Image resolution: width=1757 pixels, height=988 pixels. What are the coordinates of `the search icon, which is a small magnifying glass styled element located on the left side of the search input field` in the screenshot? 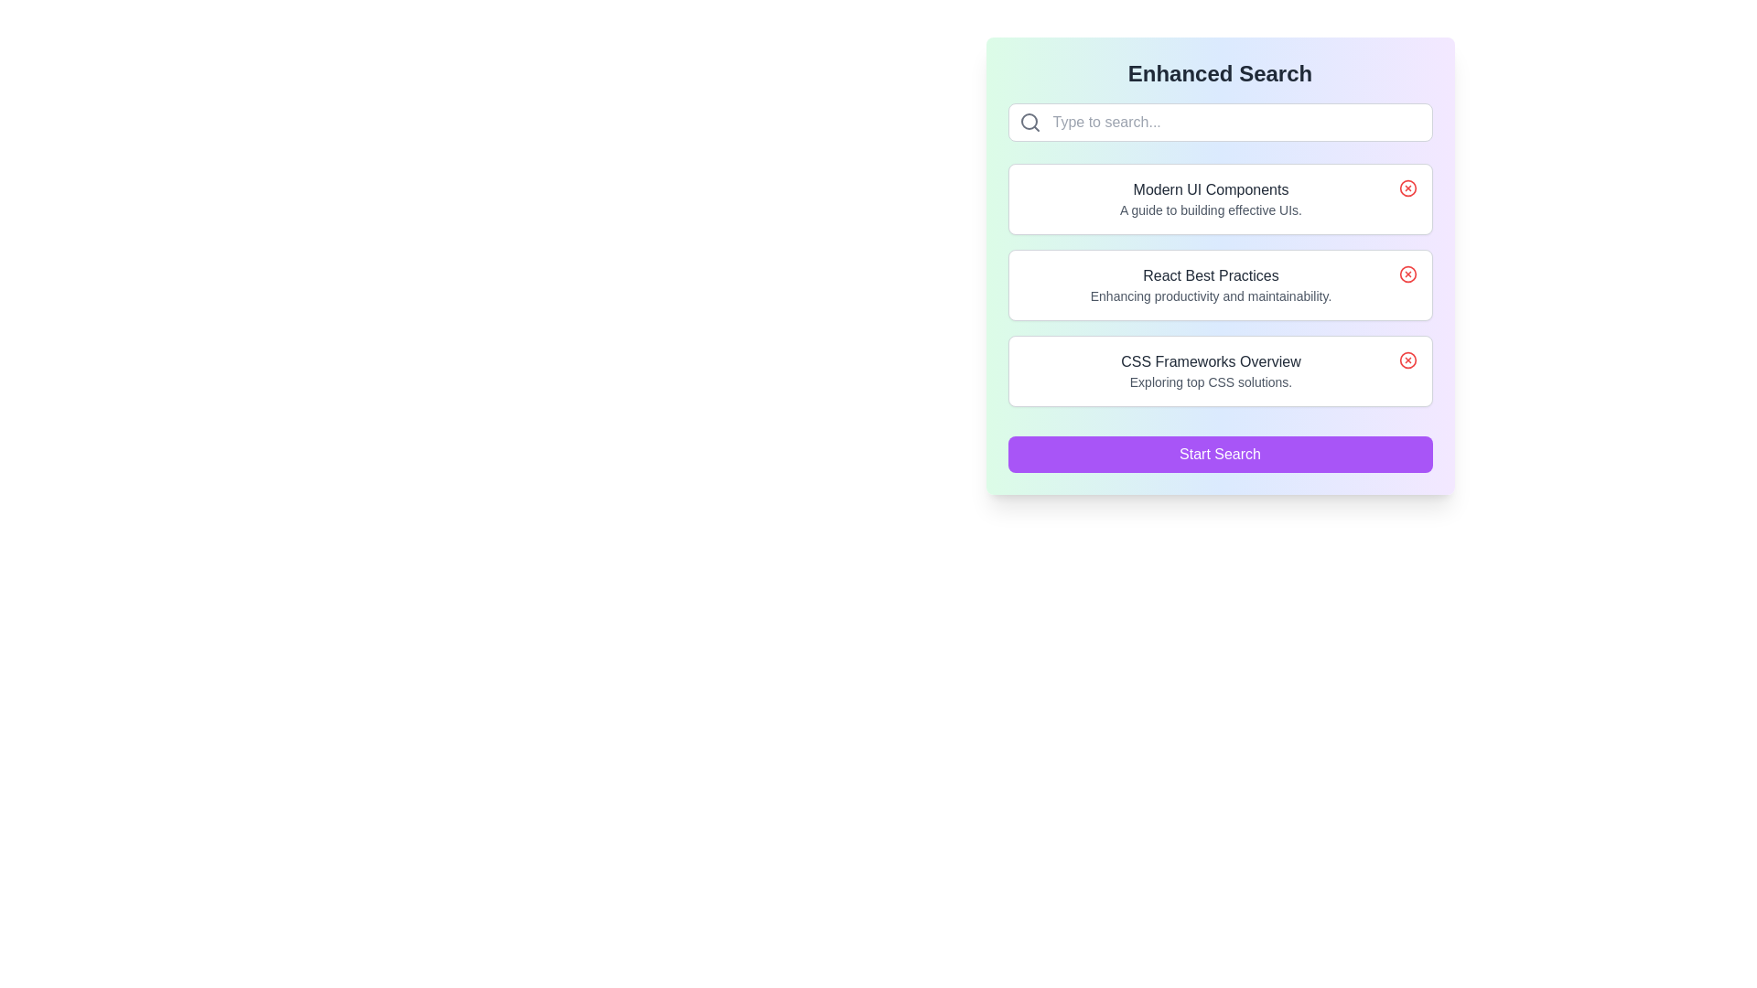 It's located at (1029, 123).